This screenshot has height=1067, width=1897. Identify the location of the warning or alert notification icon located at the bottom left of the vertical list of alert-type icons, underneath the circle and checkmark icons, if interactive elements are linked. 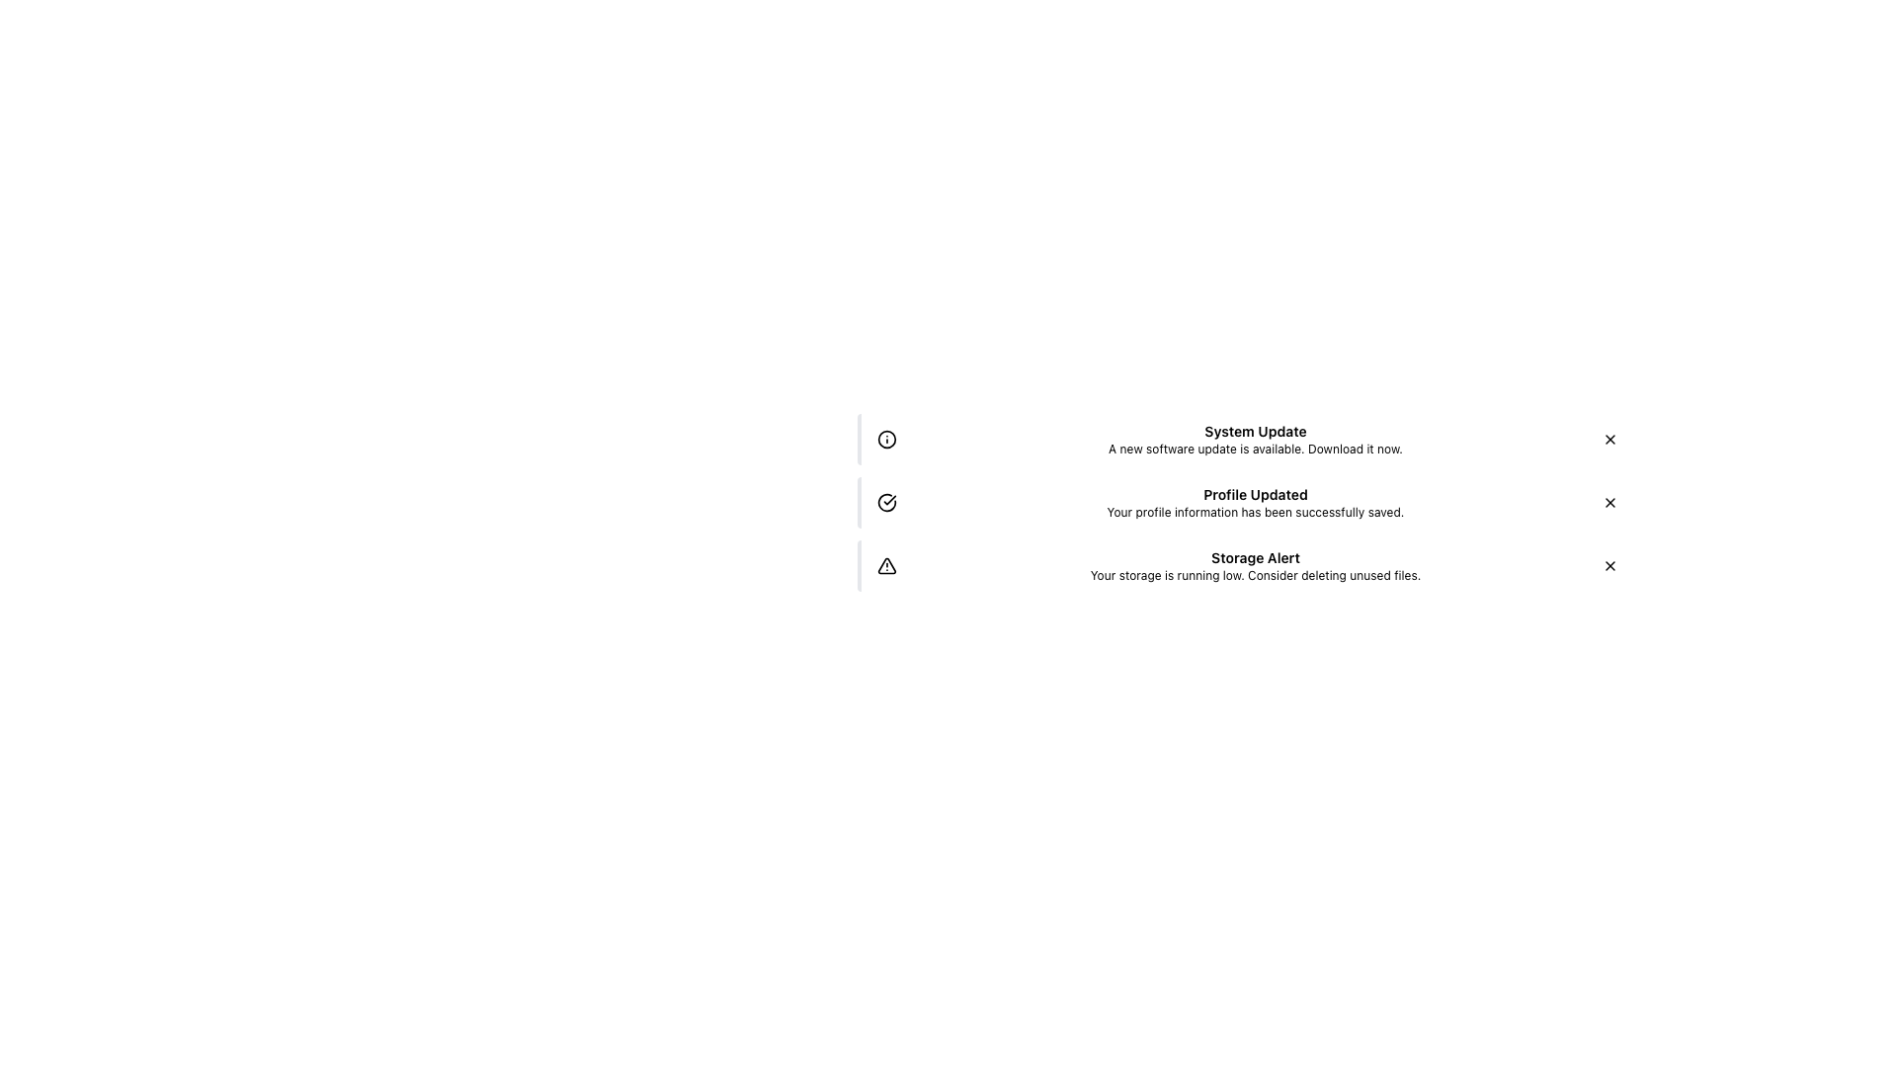
(885, 565).